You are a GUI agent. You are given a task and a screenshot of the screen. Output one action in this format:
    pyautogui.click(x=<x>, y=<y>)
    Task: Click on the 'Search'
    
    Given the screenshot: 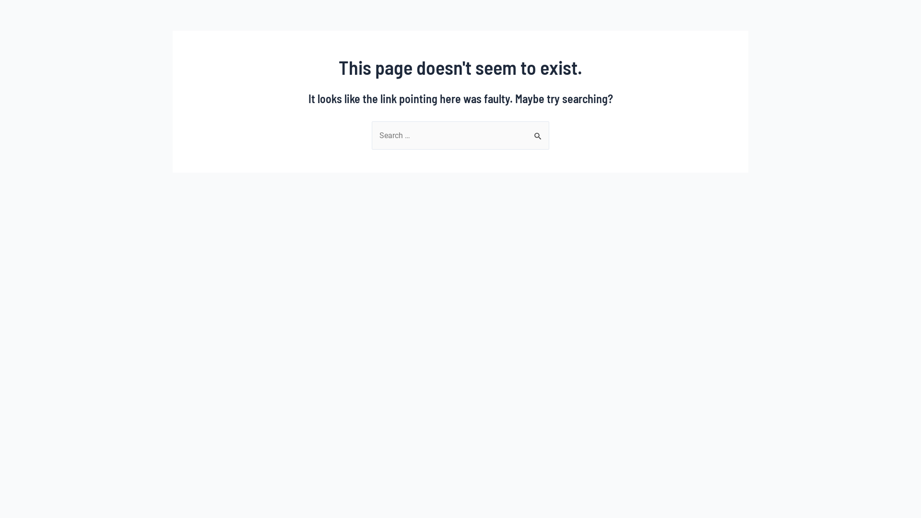 What is the action you would take?
    pyautogui.click(x=538, y=131)
    